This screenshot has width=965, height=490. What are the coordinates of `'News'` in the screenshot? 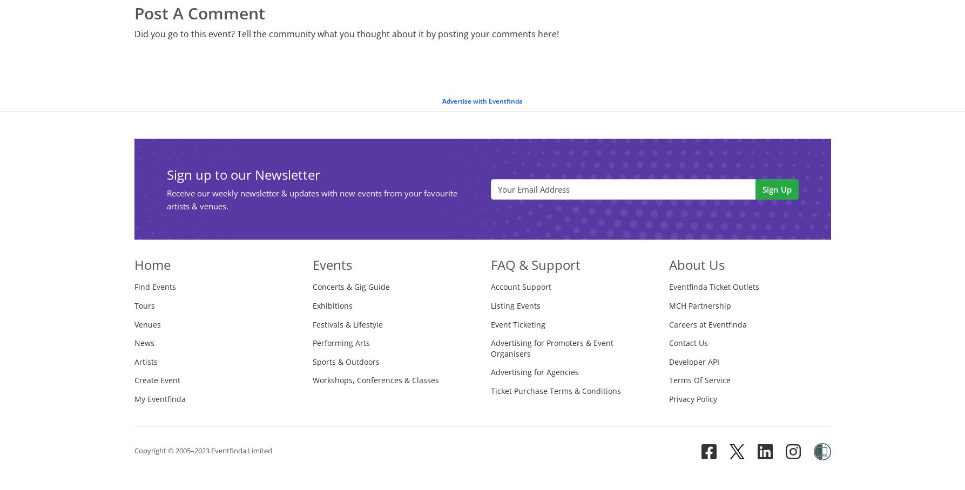 It's located at (143, 342).